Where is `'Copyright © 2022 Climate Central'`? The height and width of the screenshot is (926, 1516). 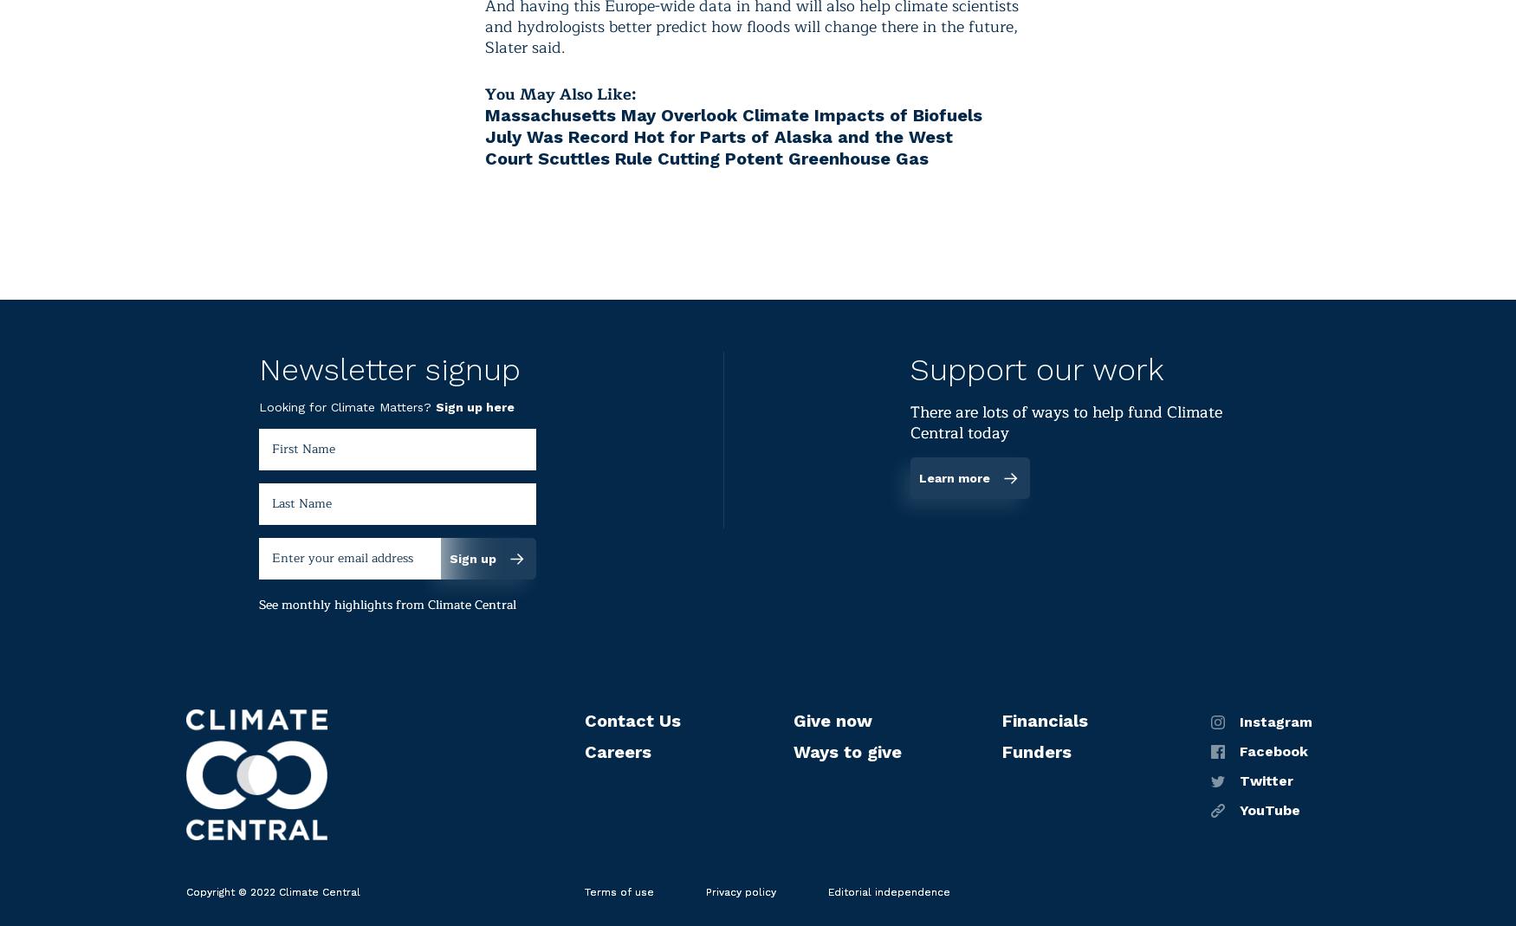
'Copyright © 2022 Climate Central' is located at coordinates (273, 891).